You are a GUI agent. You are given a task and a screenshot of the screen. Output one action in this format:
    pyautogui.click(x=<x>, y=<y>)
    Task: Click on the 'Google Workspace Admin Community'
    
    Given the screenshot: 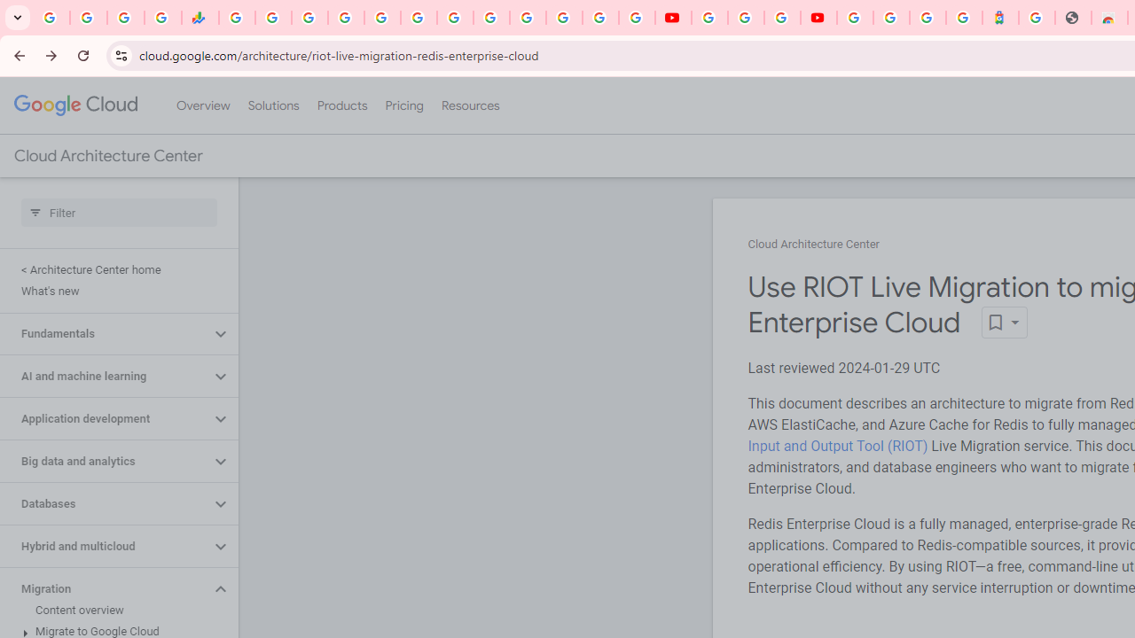 What is the action you would take?
    pyautogui.click(x=51, y=18)
    